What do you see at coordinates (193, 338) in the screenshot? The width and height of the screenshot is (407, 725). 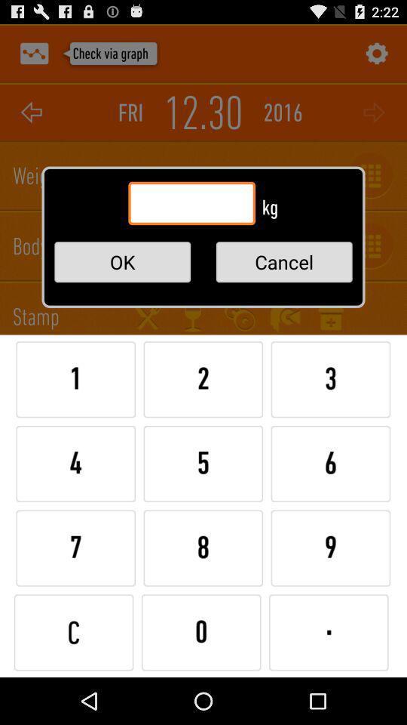 I see `the menu icon` at bounding box center [193, 338].